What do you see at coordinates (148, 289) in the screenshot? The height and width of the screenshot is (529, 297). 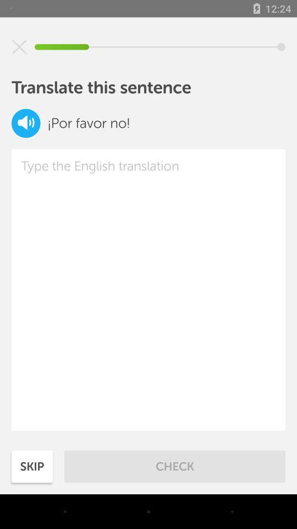 I see `the item at the center` at bounding box center [148, 289].